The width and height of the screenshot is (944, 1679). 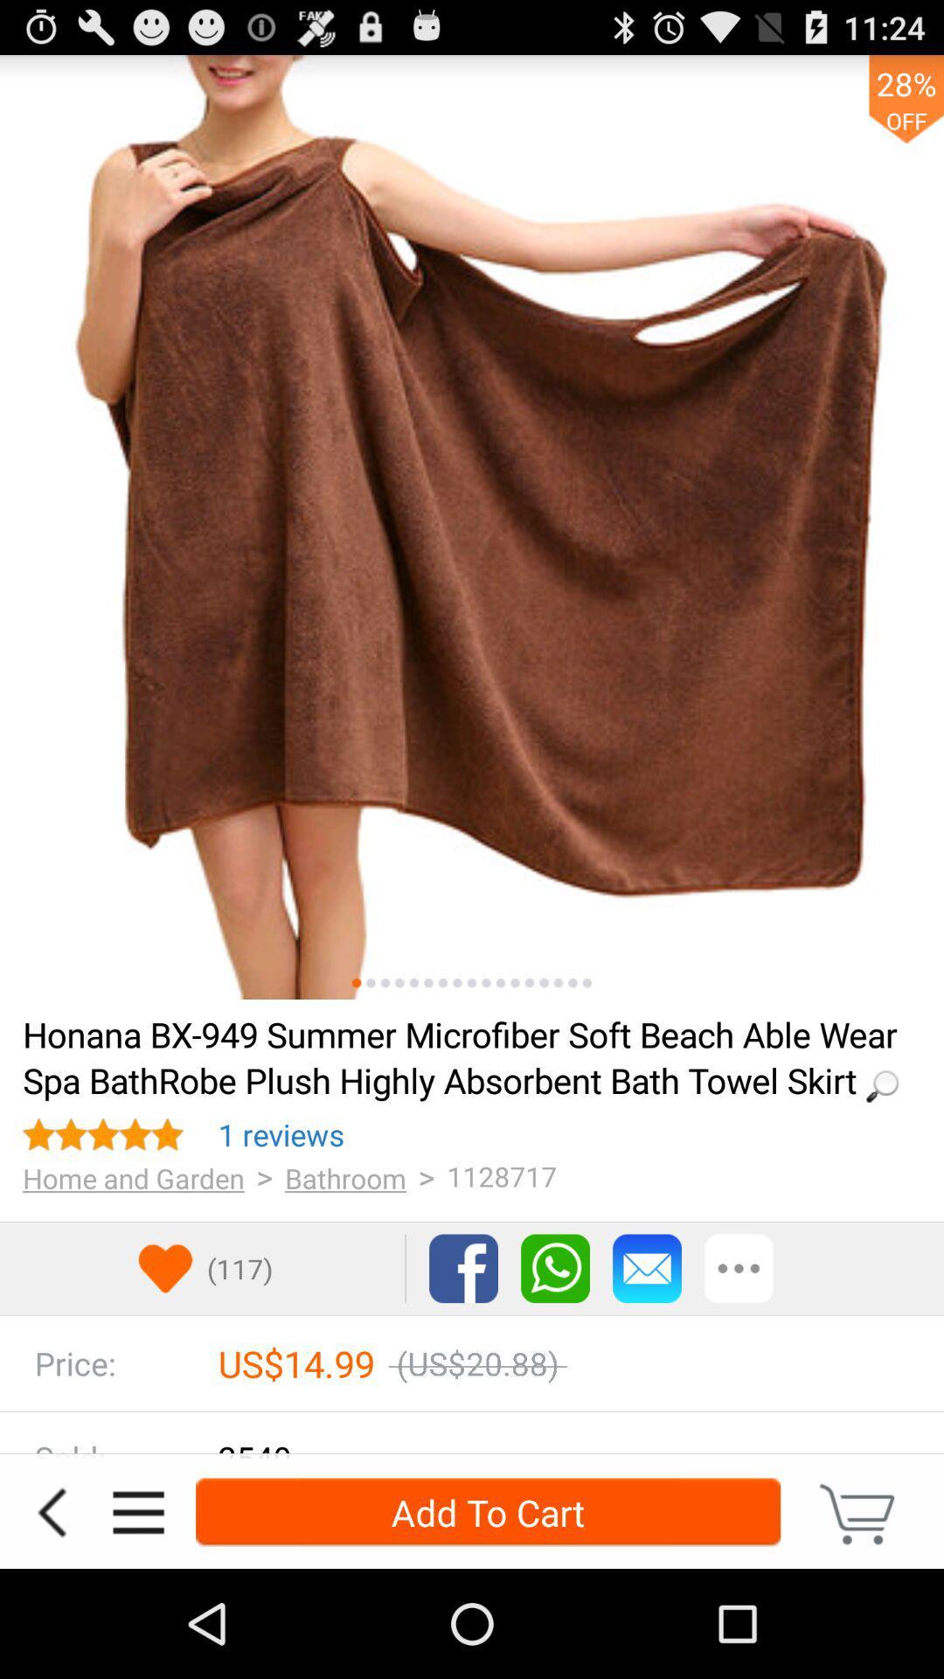 What do you see at coordinates (472, 526) in the screenshot?
I see `advertisement picture` at bounding box center [472, 526].